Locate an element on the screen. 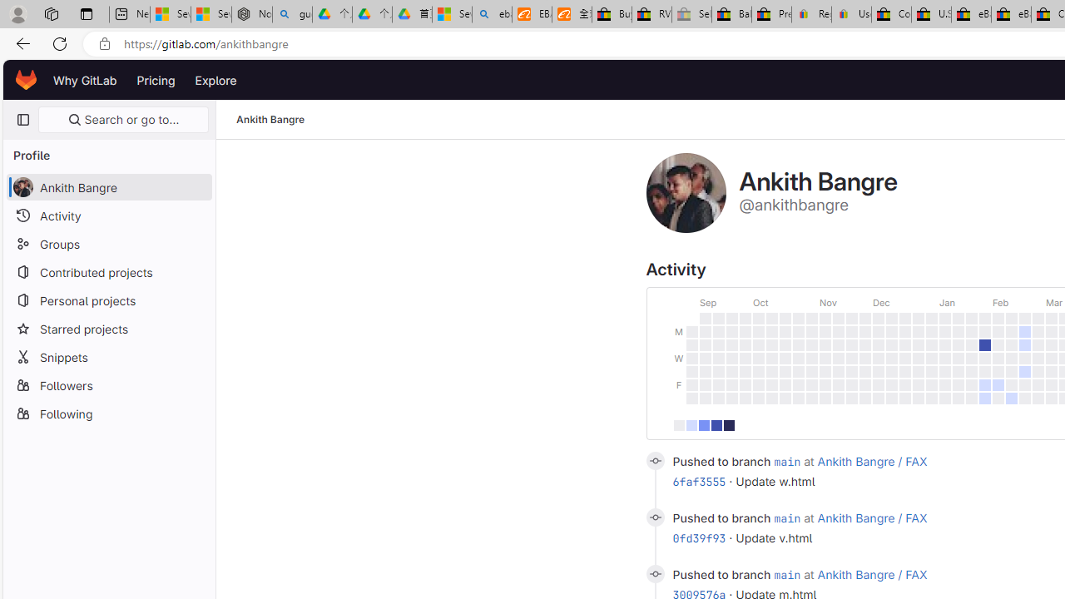  'Primary navigation sidebar' is located at coordinates (22, 119).